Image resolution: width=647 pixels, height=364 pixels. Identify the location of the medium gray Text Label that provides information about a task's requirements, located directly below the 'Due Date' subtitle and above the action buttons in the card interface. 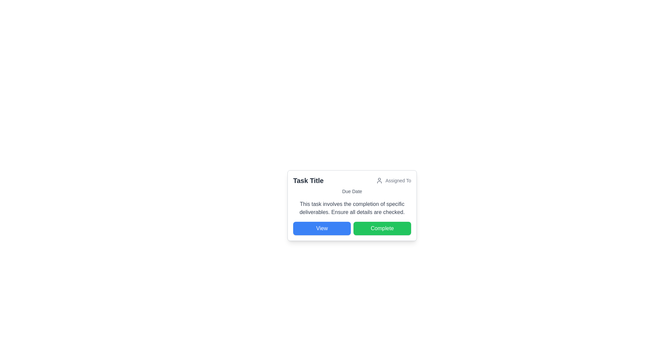
(352, 208).